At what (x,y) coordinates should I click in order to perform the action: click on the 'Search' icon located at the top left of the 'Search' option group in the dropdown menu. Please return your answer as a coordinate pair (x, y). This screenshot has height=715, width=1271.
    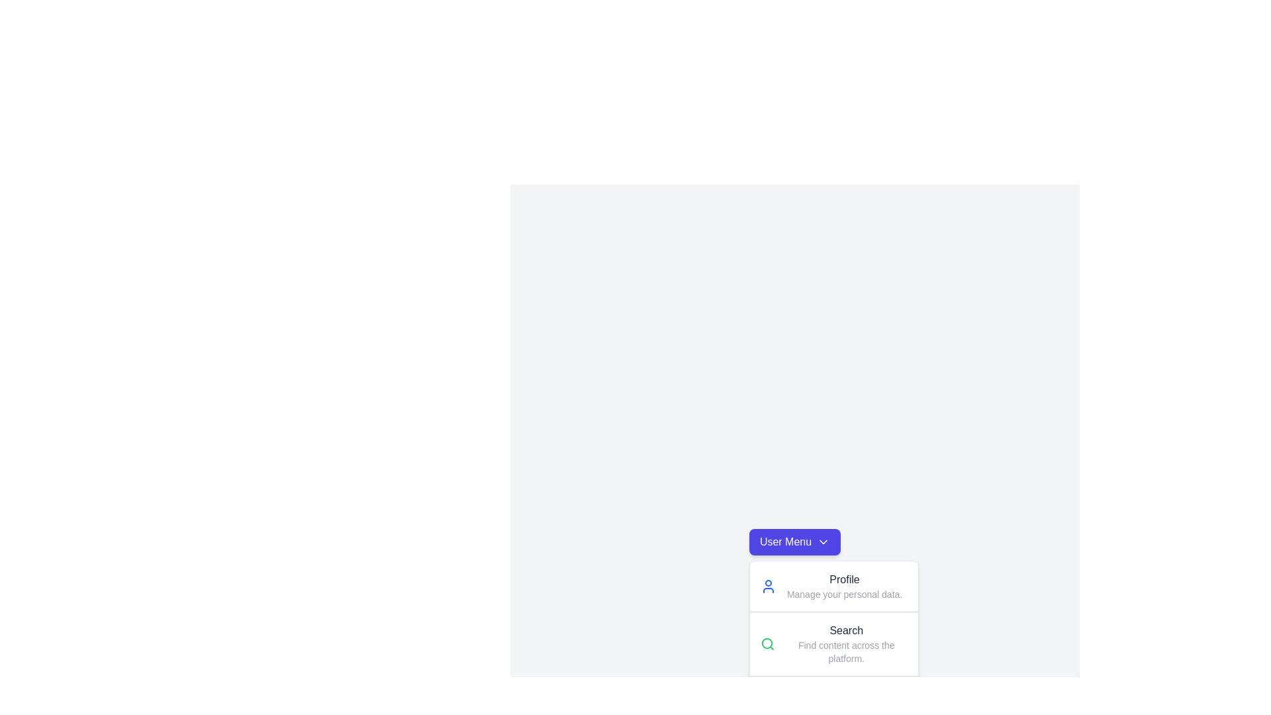
    Looking at the image, I should click on (767, 643).